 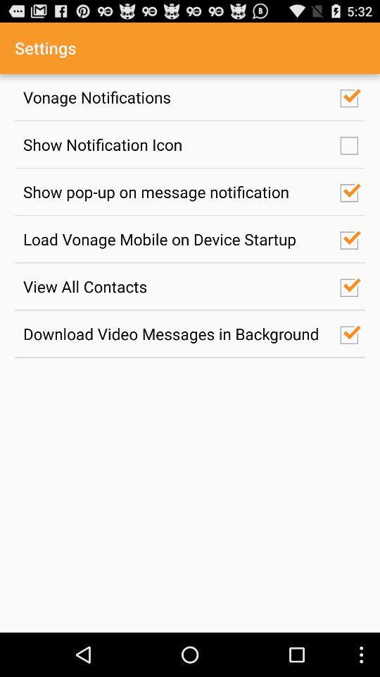 I want to click on the icon below settings, so click(x=174, y=96).